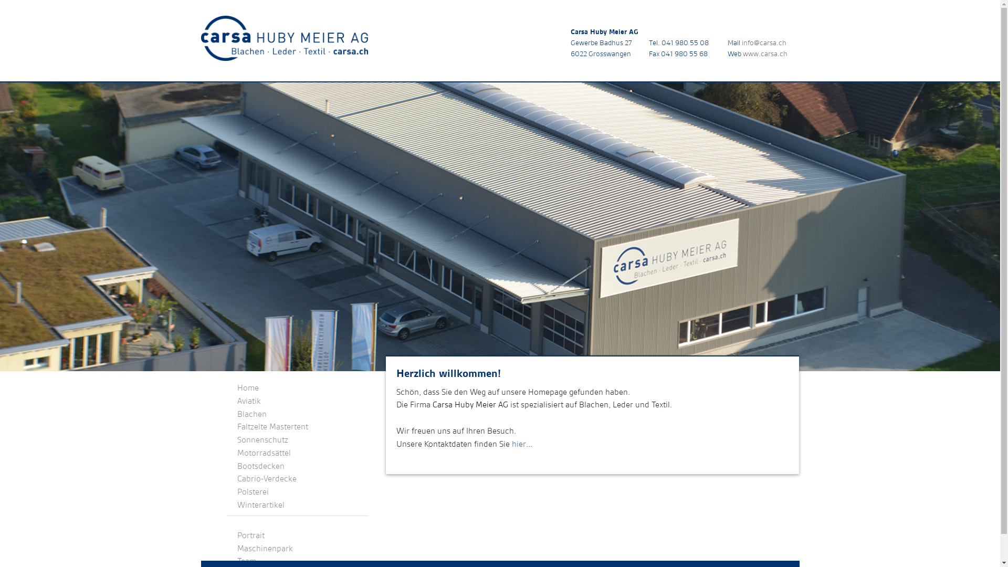  I want to click on 'Polsterei', so click(253, 491).